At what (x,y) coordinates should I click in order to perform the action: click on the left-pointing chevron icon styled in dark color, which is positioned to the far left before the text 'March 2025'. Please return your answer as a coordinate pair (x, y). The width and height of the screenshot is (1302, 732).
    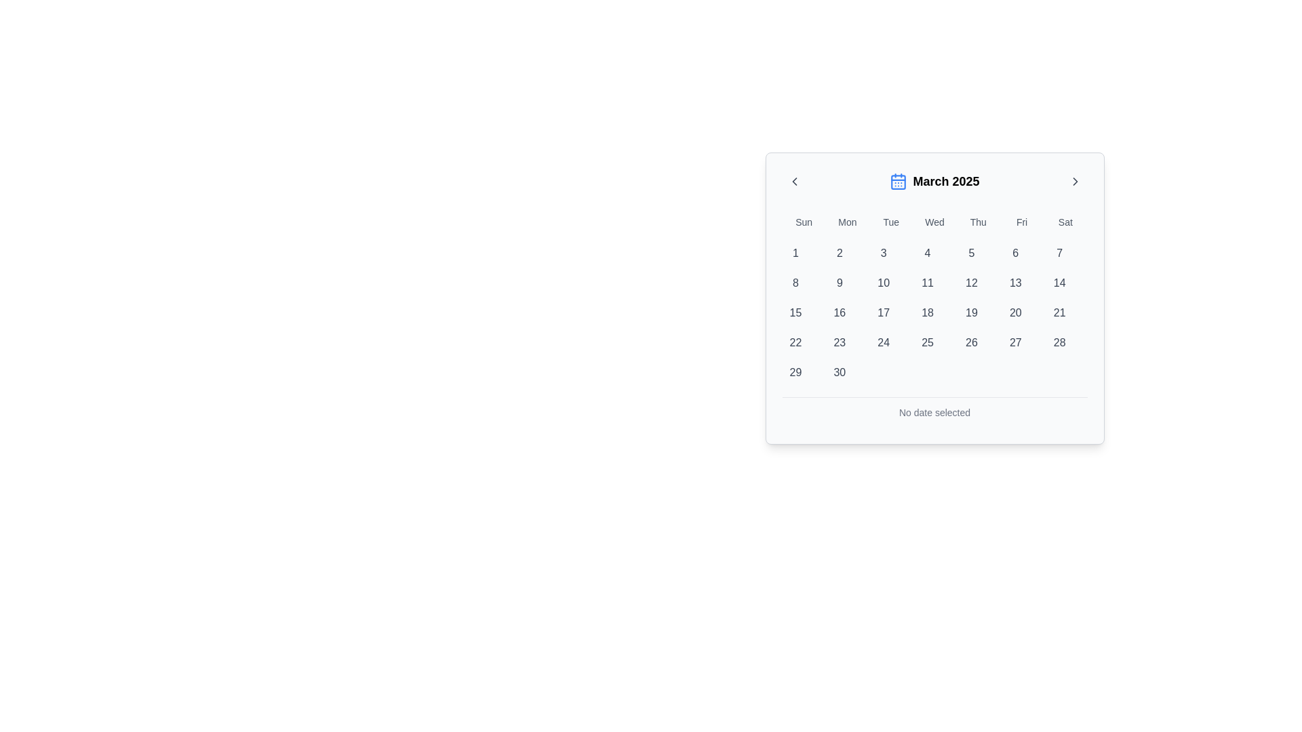
    Looking at the image, I should click on (794, 180).